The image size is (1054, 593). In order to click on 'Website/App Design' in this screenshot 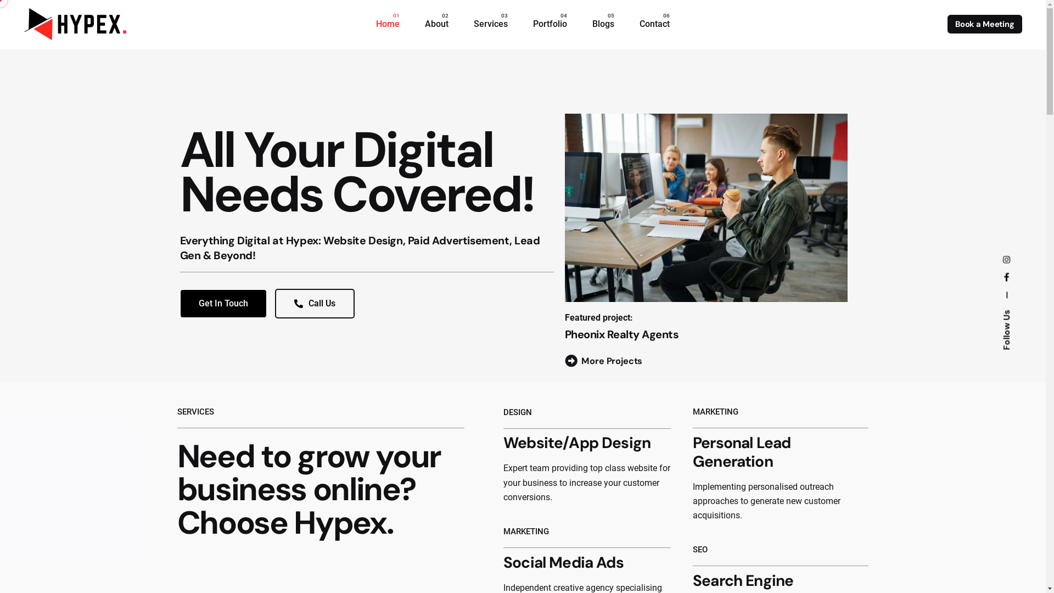, I will do `click(576, 442)`.